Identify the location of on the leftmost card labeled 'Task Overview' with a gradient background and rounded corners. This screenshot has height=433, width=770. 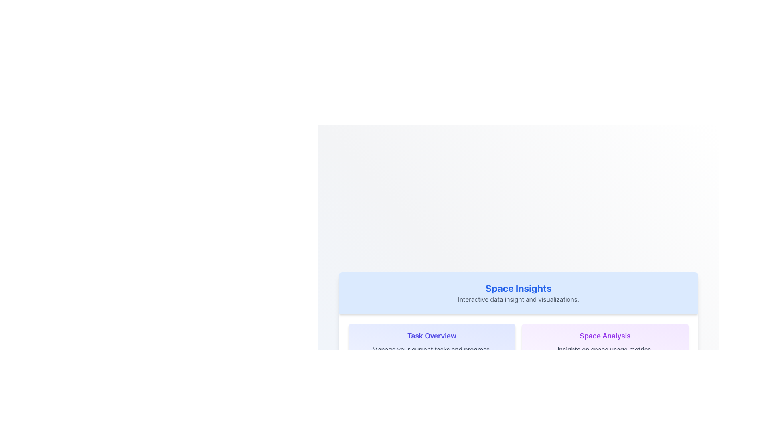
(431, 342).